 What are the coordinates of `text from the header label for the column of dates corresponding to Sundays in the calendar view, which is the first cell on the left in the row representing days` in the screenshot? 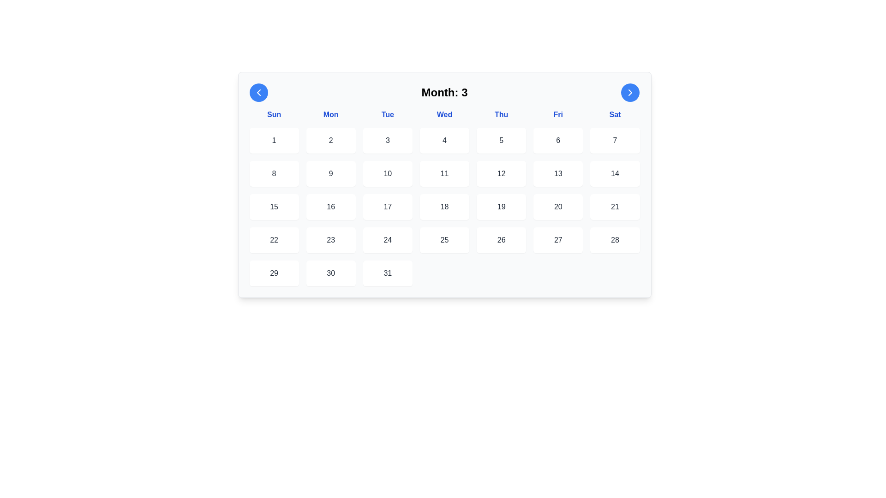 It's located at (274, 114).